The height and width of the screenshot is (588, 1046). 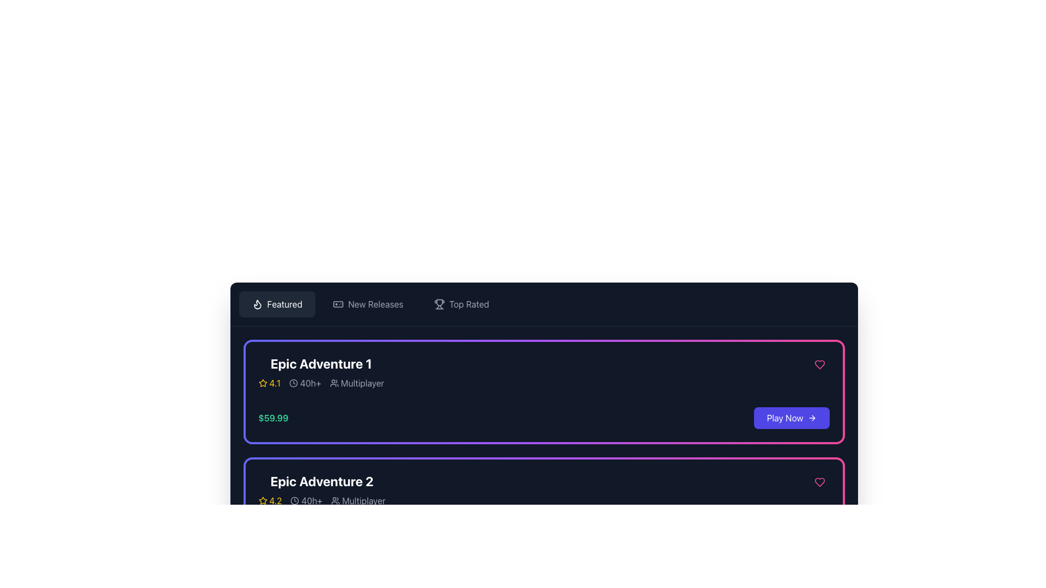 I want to click on the flame icon located in the top navigation bar, adjacent to the 'Featured' label, so click(x=257, y=304).